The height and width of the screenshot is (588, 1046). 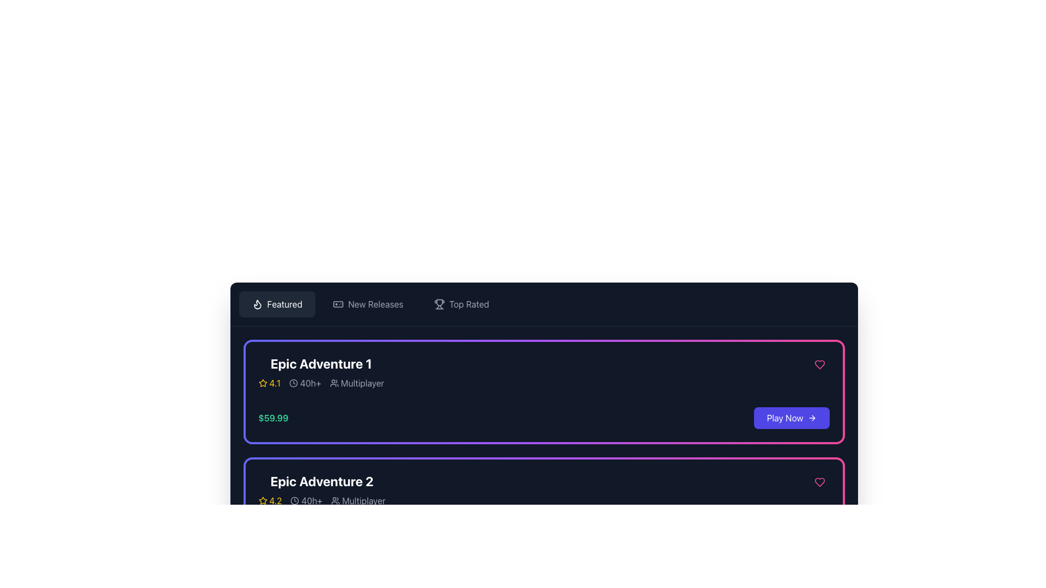 I want to click on the flame icon located in the top navigation bar, adjacent to the 'Featured' label, so click(x=257, y=304).